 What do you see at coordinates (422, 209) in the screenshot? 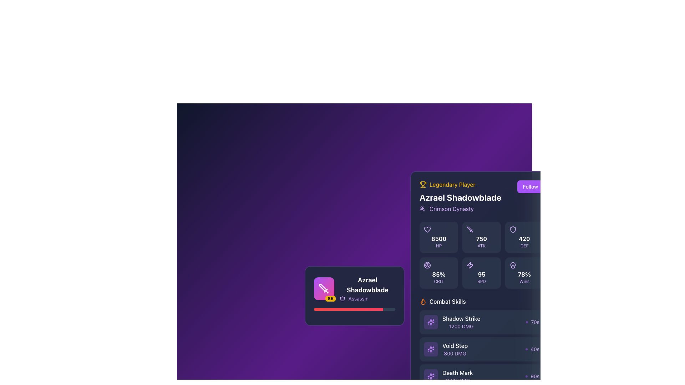
I see `the decorative icon associated with the player's guild 'Crimson Dynasty' located to the left of the text within the player's profile card` at bounding box center [422, 209].